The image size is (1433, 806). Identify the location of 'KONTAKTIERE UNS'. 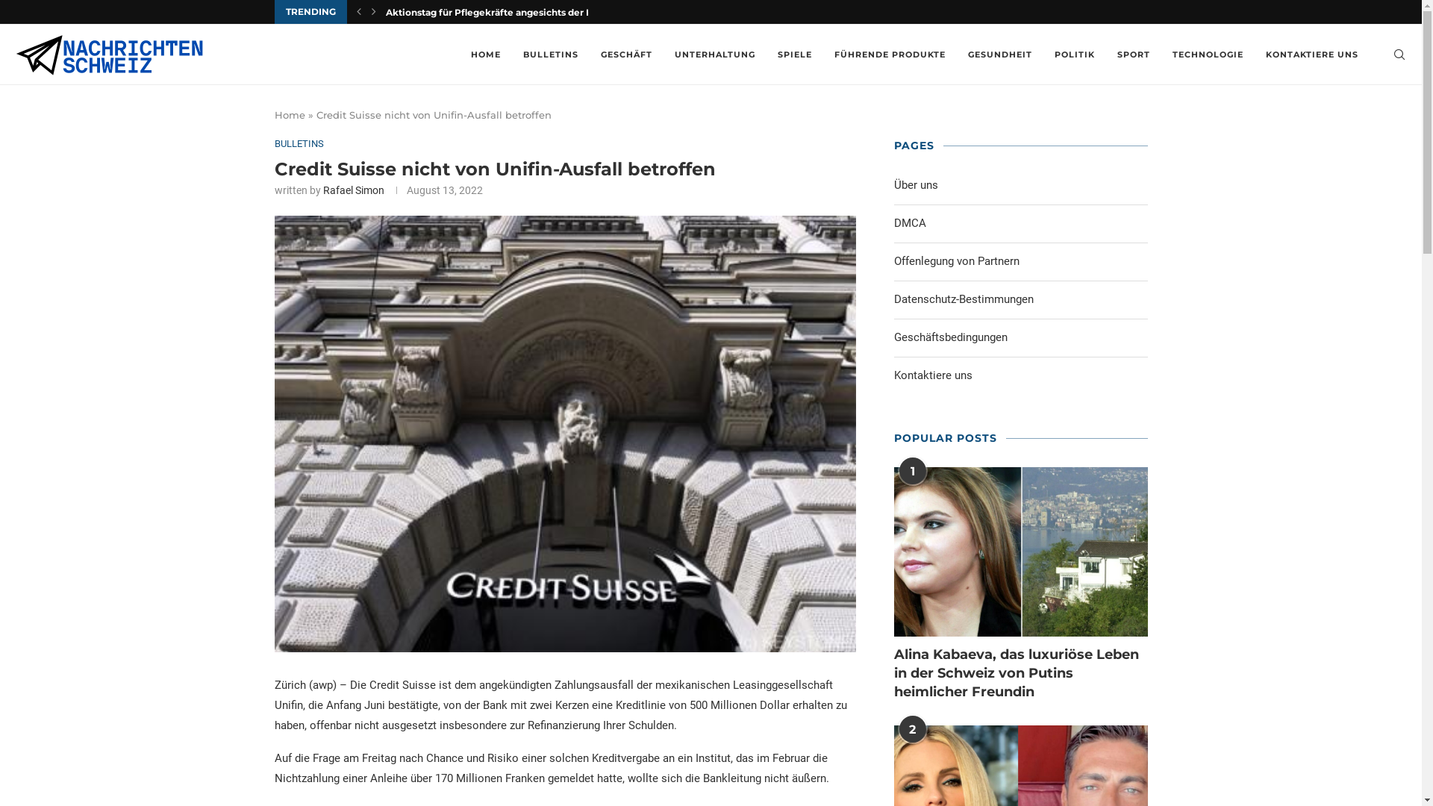
(1311, 54).